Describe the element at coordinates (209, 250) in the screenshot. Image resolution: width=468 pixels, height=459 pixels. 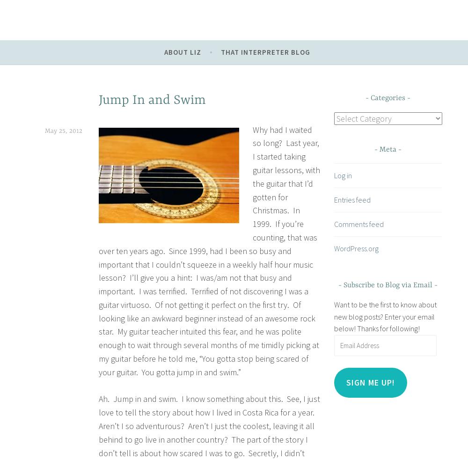
I see `'Why had I waited so long?  Last year, I started taking guitar lessons, with the guitar that I’d gotten for Christmas.  In 1999.  If you’re counting, that was over ten years ago.  Since 1999, had I been so busy and important that I couldn’t squeeze in a weekly half hour music lesson?  I’ll give you a hint:  I was/am not that busy and important.  I was terrified.  Terrified of not discovering I was a guitar virtuoso.  Of not getting it perfect on the first try.  Of looking like an awkward beginner instead of an awesome rock star.  My guitar teacher intuited this fear, and he was polite enough to wait through several months of me timidly picking at my guitar before he told me, “You gotta stop being scared of your guitar.  You gotta jump in and swim.”'` at that location.